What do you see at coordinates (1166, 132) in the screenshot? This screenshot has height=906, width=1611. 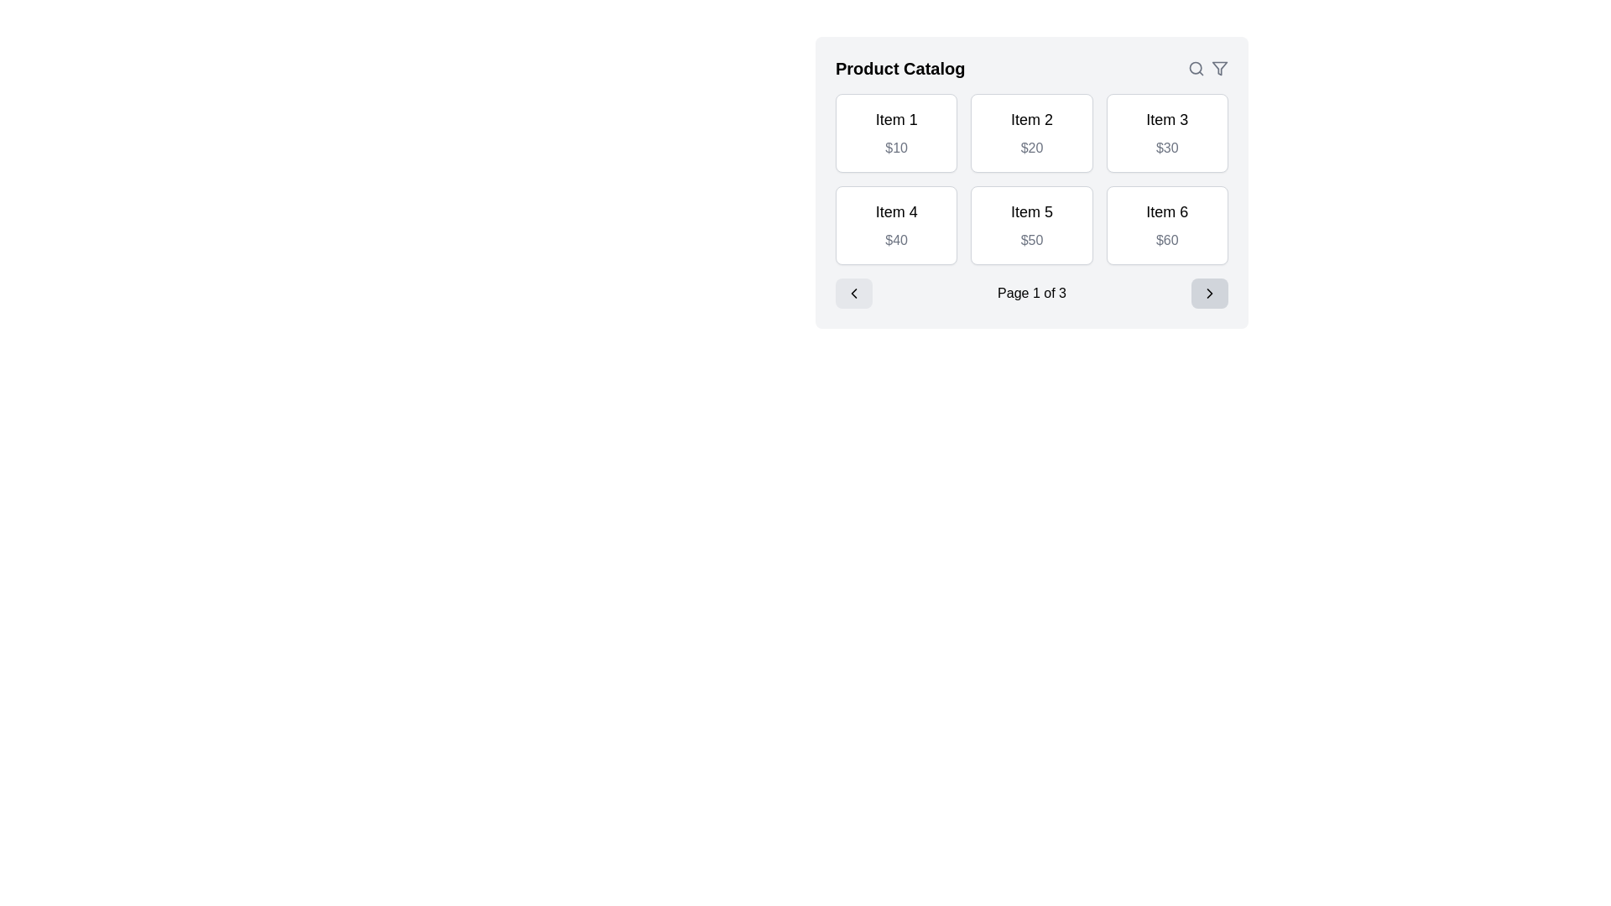 I see `the Card UI component titled 'Item 3' with a price of '$30', which is positioned as the third card in the upper row of the grid layout` at bounding box center [1166, 132].